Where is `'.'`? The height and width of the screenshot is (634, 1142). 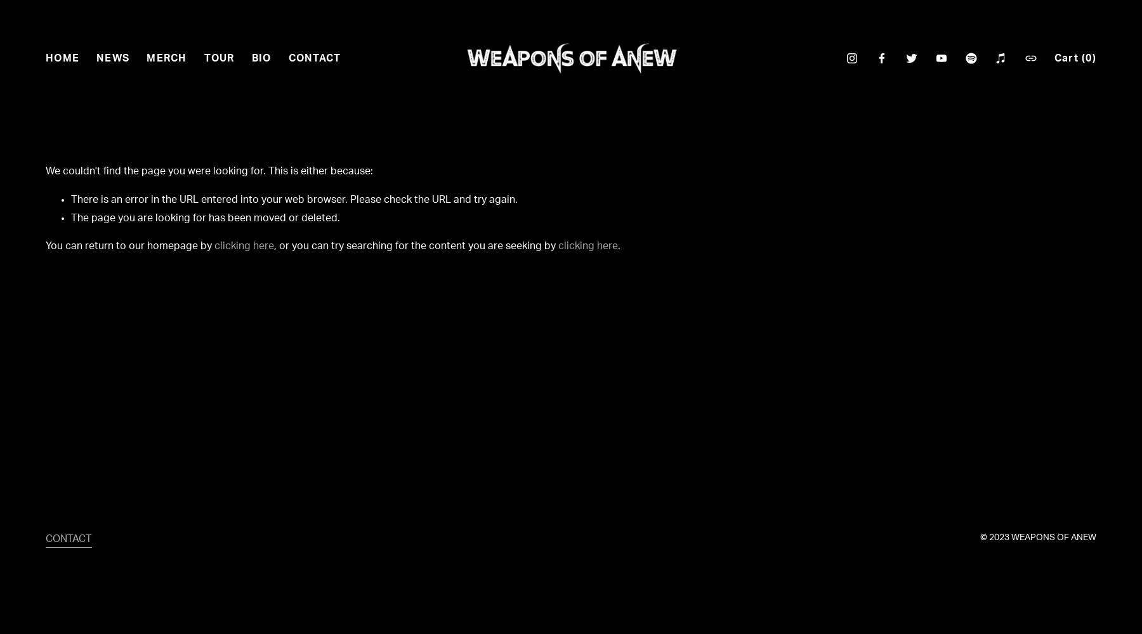 '.' is located at coordinates (618, 246).